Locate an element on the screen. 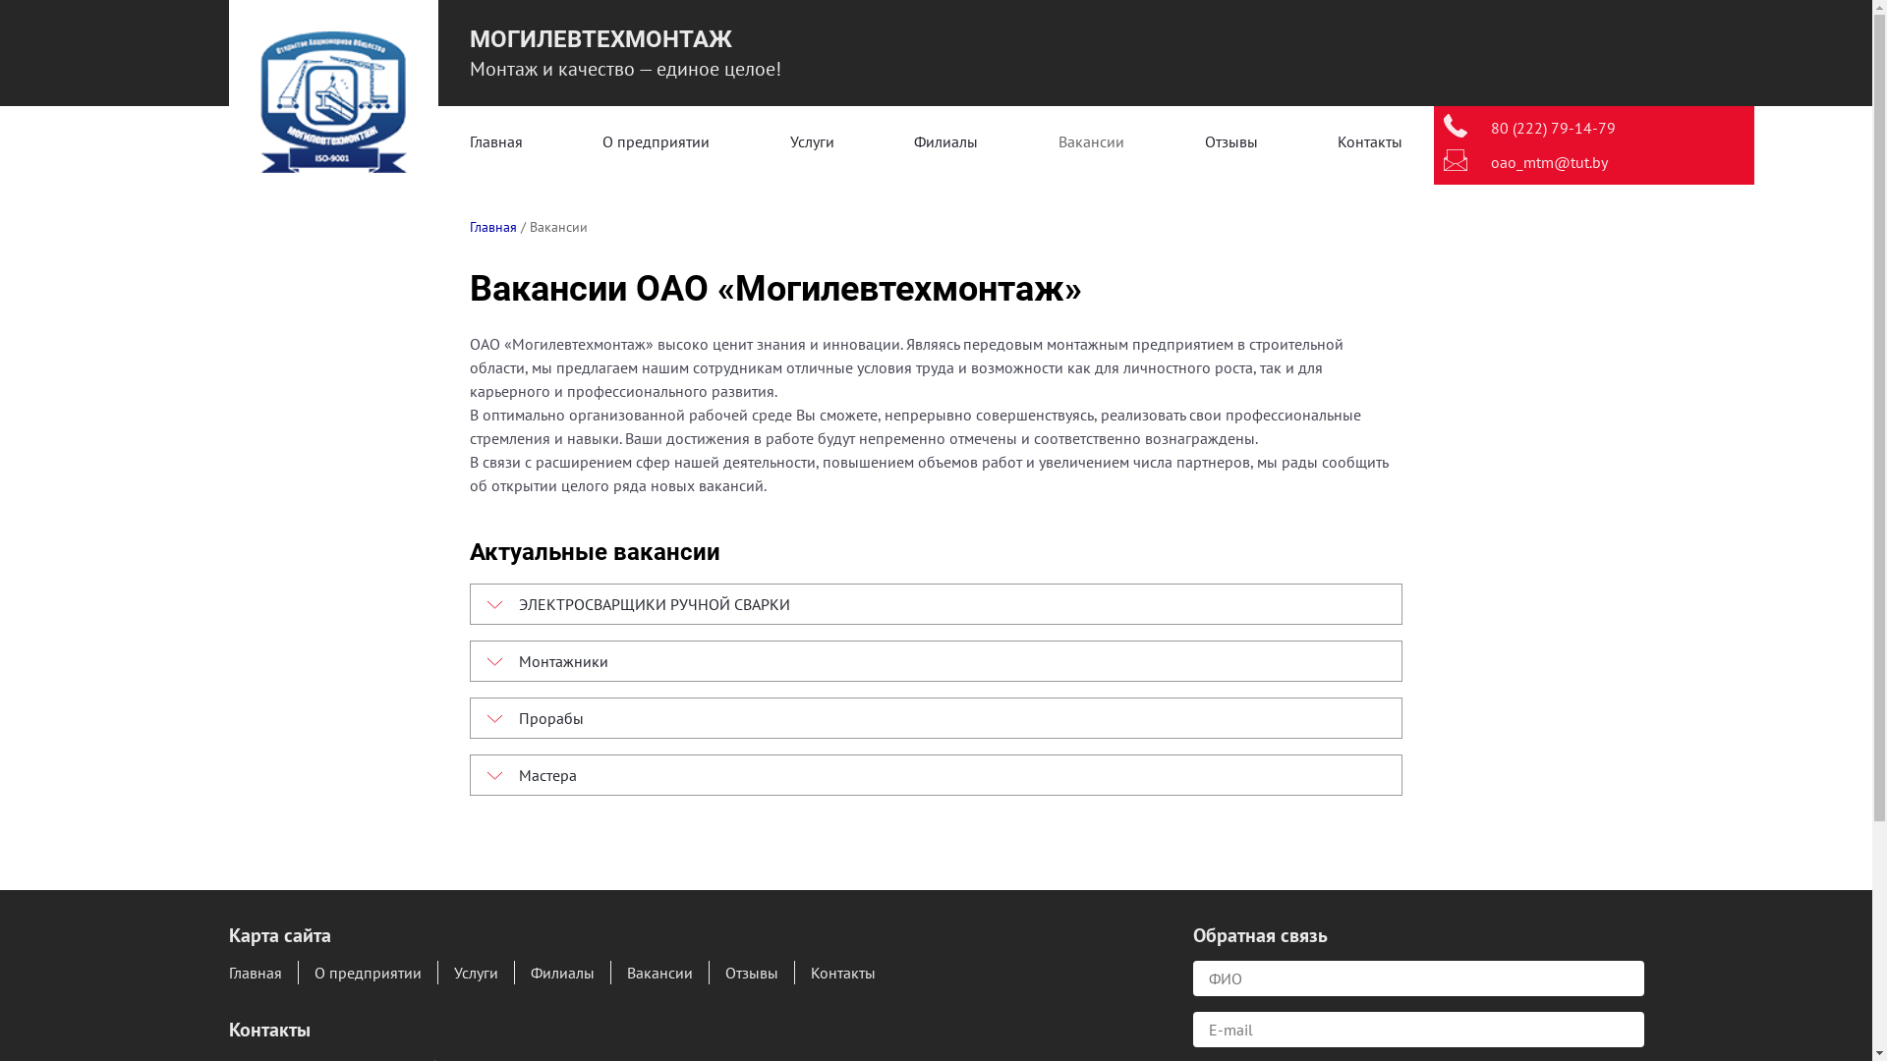  '80 (222) 79-14-79' is located at coordinates (1552, 128).